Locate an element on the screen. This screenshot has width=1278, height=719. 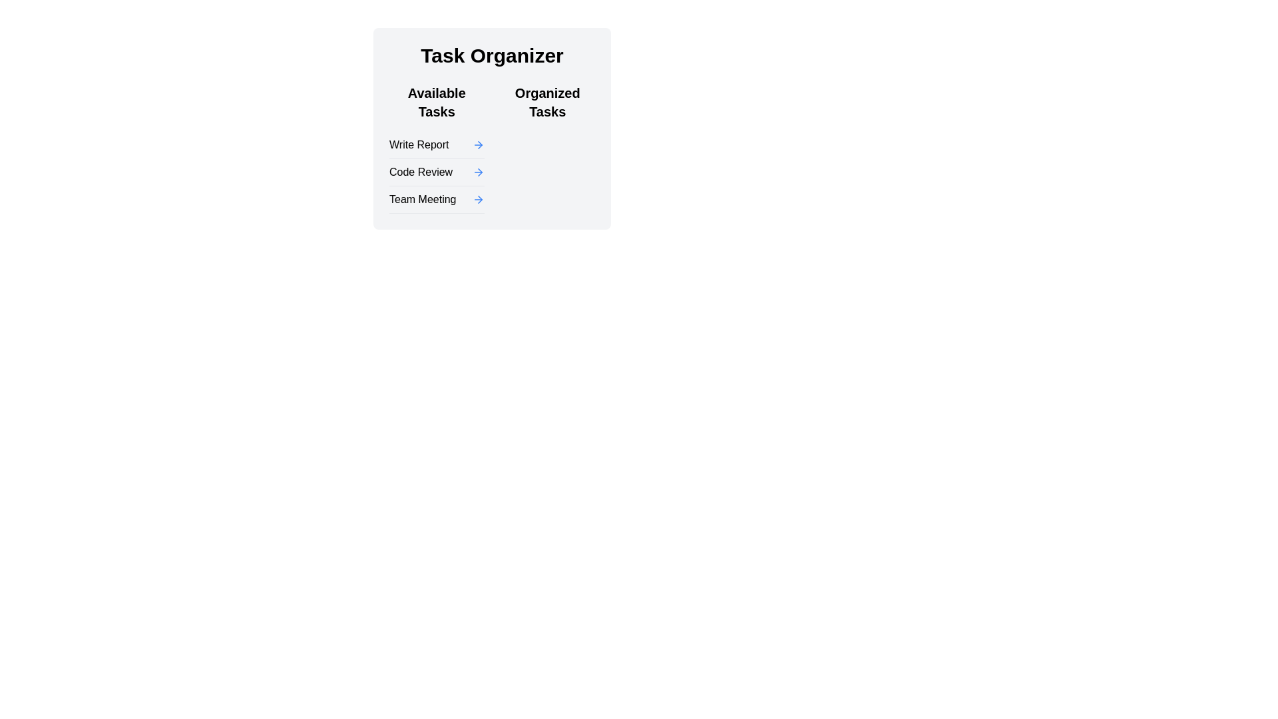
text content of the Text Label displaying 'Organized Tasks', which is styled in bold and larger font, located in the upper-right region of the layout is located at coordinates (547, 102).